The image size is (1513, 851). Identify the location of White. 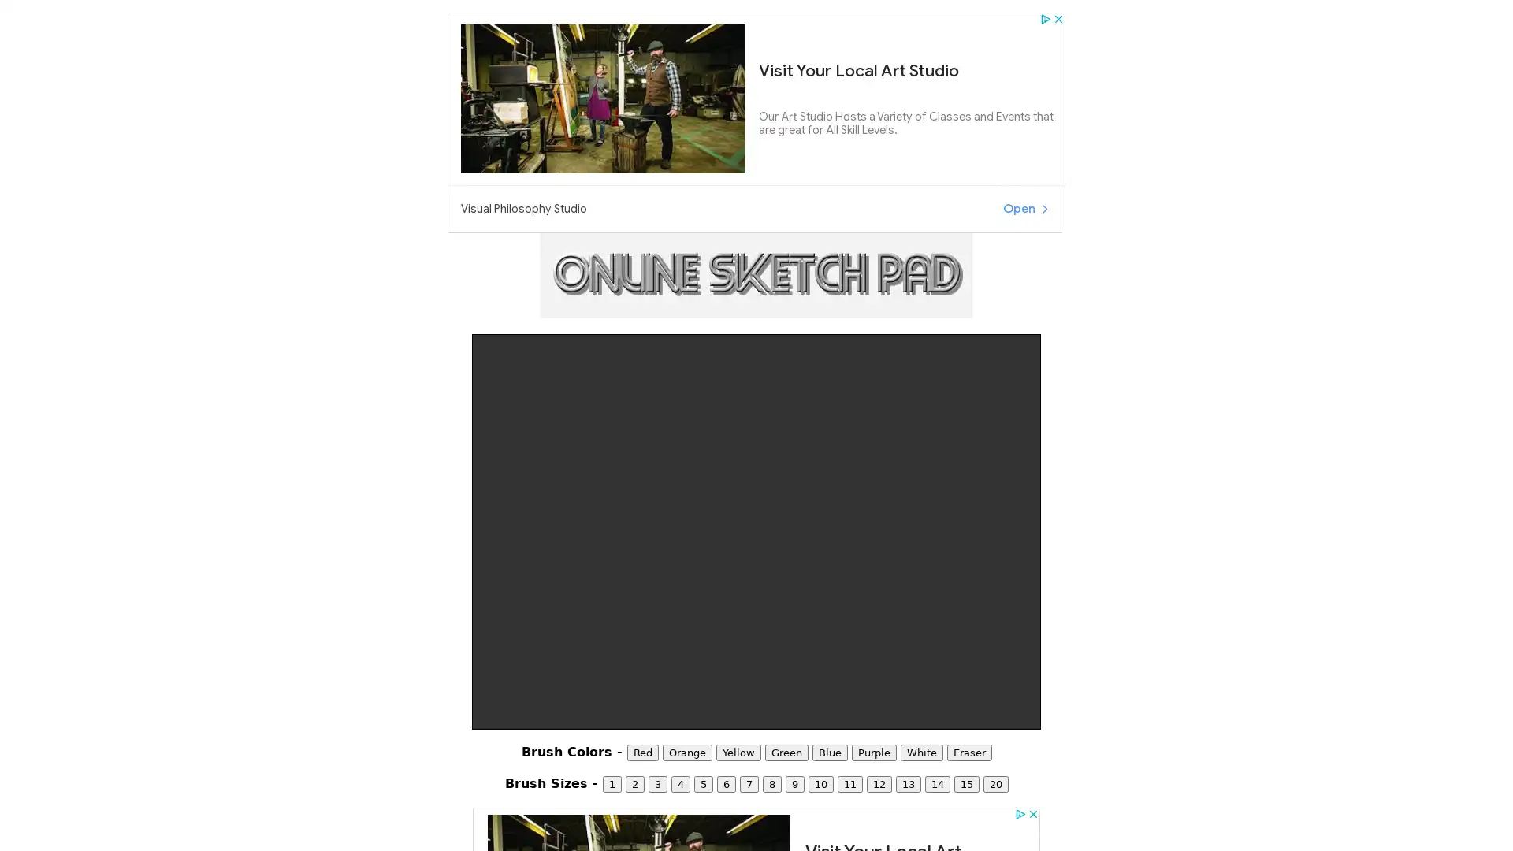
(921, 752).